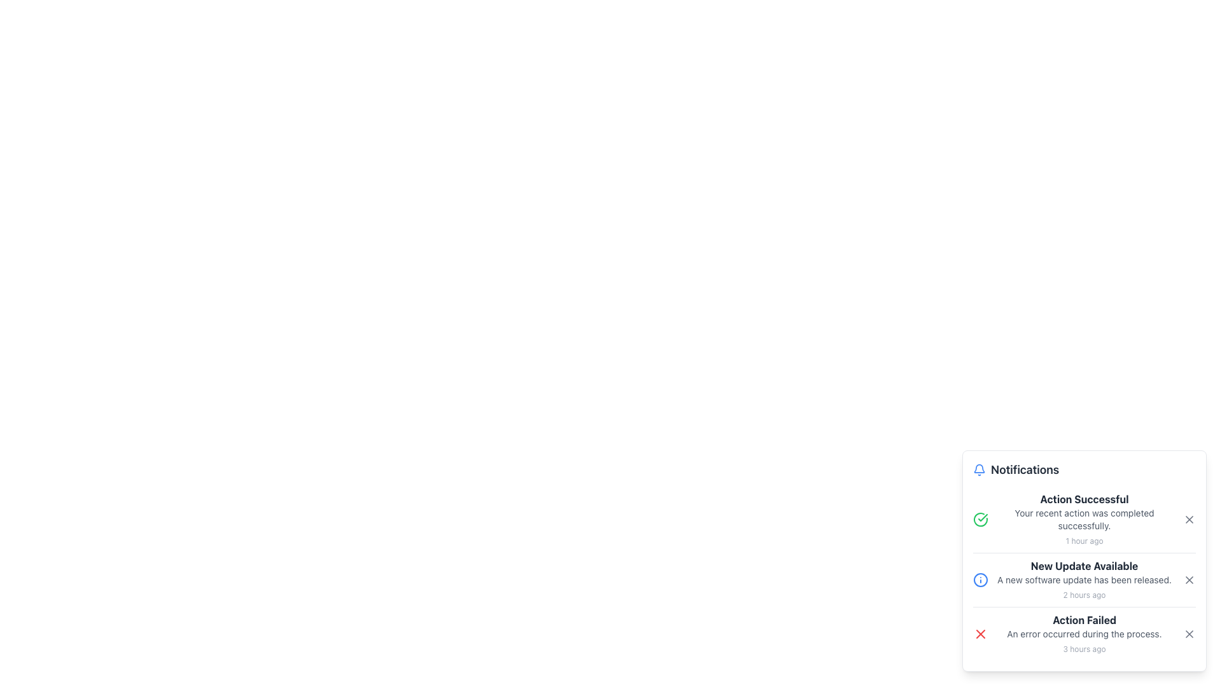  I want to click on the error icon located immediately to the left of the 'Action Failed' text in the notification card at the bottom of the notification stack, so click(980, 634).